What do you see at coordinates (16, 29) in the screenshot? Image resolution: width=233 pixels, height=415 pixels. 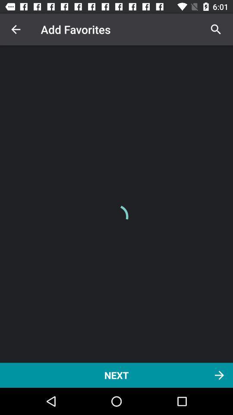 I see `the item next to the add favorites` at bounding box center [16, 29].